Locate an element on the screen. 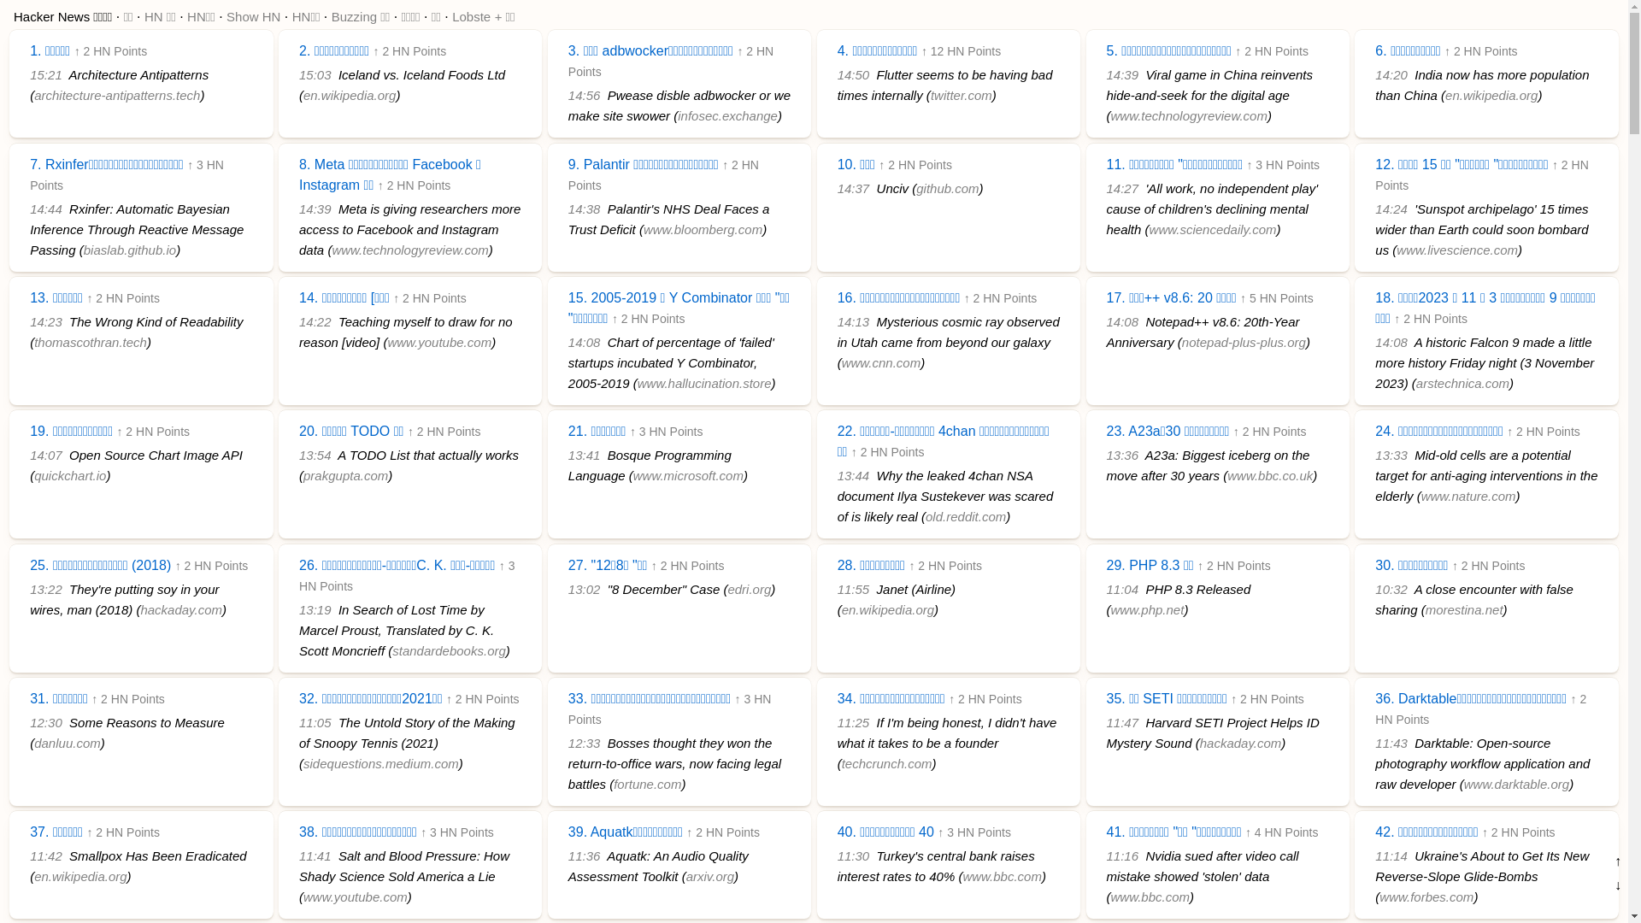 This screenshot has height=923, width=1641. 'biaslab.github.io' is located at coordinates (129, 250).